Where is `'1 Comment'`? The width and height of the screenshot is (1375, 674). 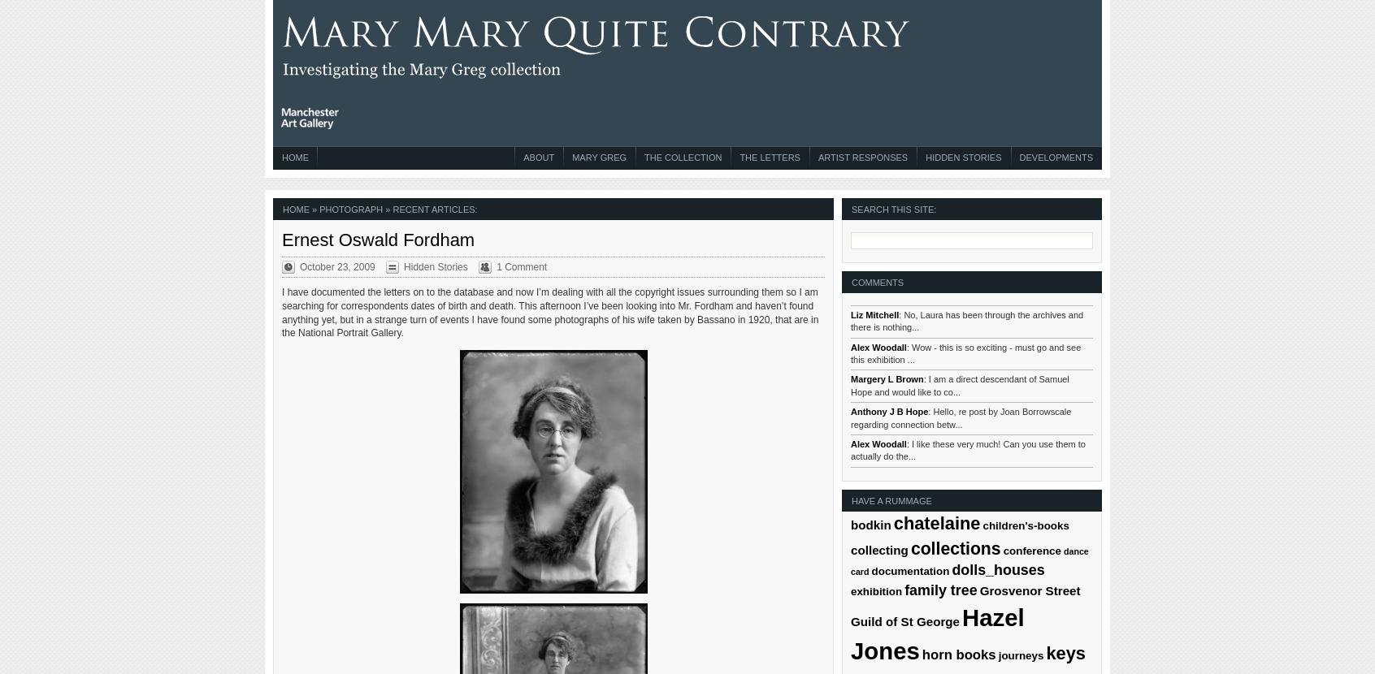
'1 Comment' is located at coordinates (521, 266).